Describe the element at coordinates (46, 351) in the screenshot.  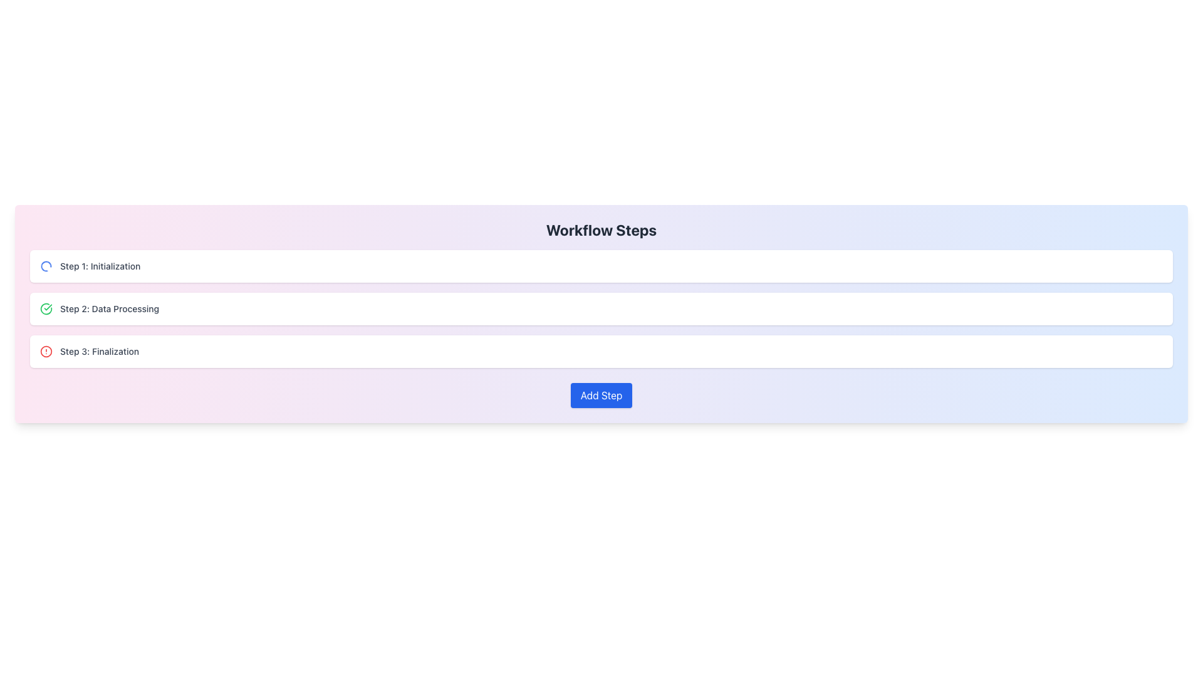
I see `the circular Graphic Indicator located at the center of the small alert icon adjacent to the text 'Step 3: Finalization'` at that location.